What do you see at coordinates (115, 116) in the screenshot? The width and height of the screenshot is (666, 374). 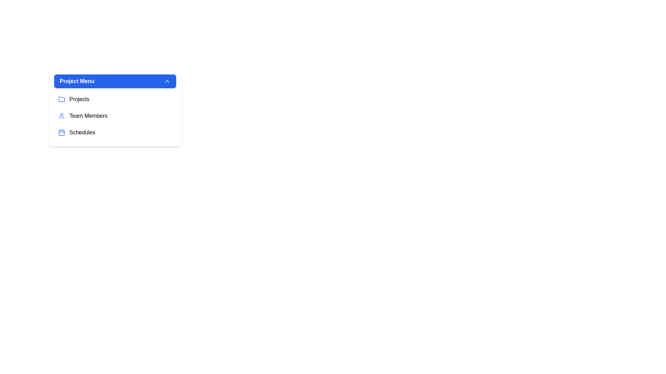 I see `the 'Team Members' item in the menu` at bounding box center [115, 116].